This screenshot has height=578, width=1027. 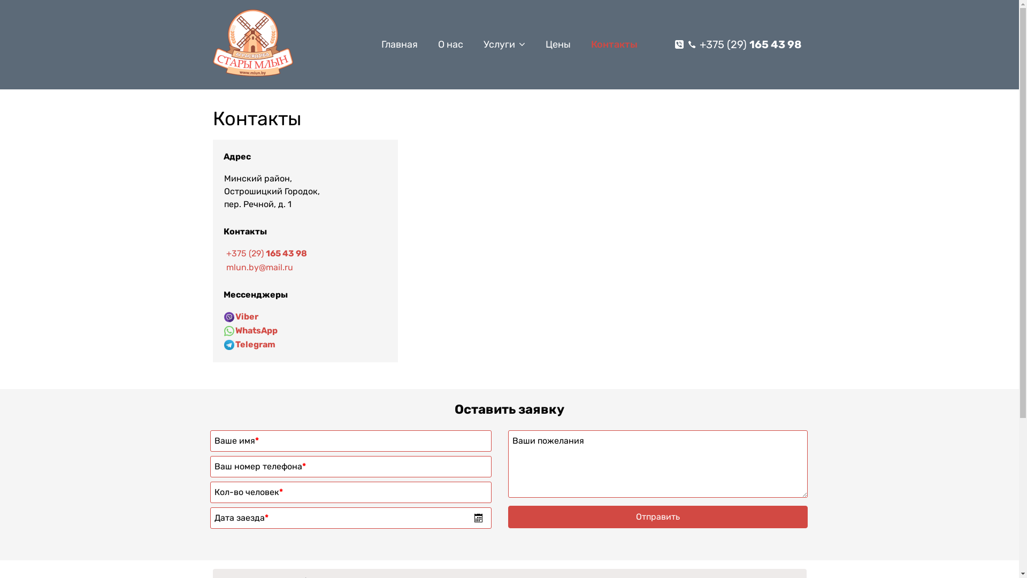 I want to click on 'WhatsApp', so click(x=256, y=330).